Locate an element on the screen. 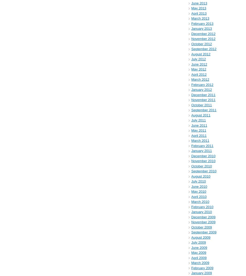 Image resolution: width=246 pixels, height=276 pixels. 'April 2009' is located at coordinates (198, 257).